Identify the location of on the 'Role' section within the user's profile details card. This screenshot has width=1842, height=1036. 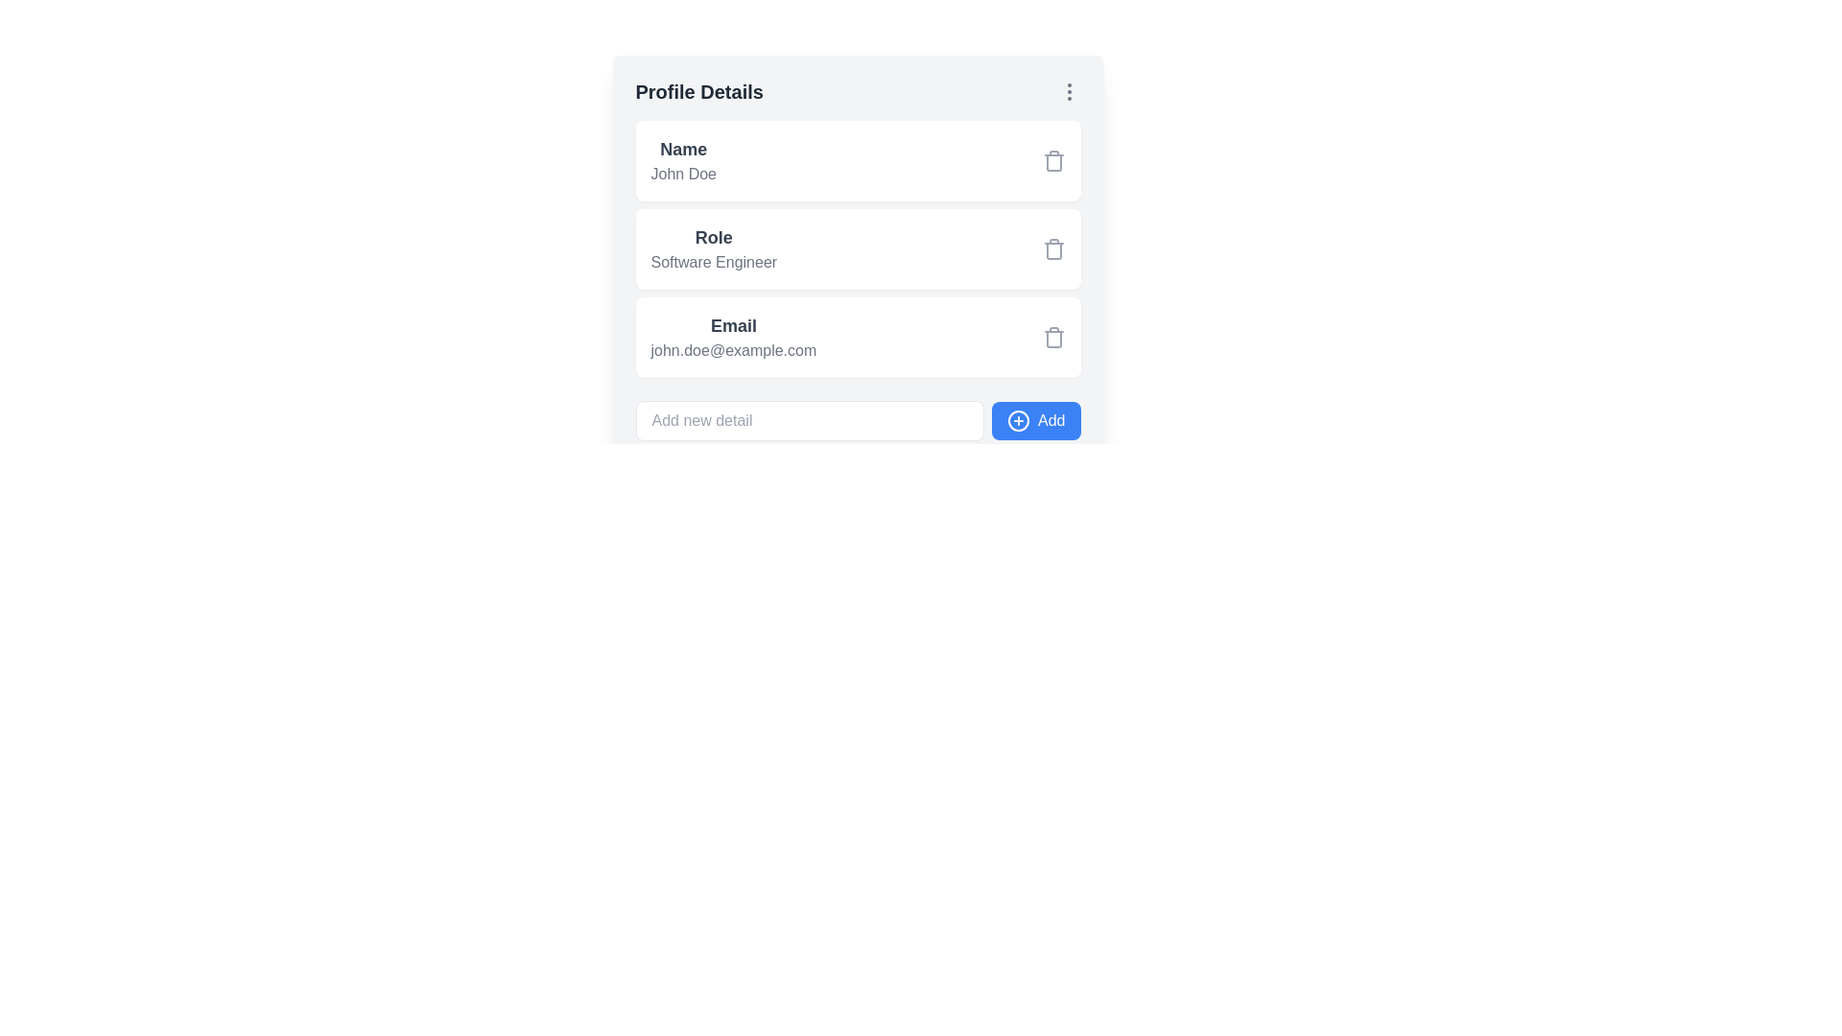
(857, 259).